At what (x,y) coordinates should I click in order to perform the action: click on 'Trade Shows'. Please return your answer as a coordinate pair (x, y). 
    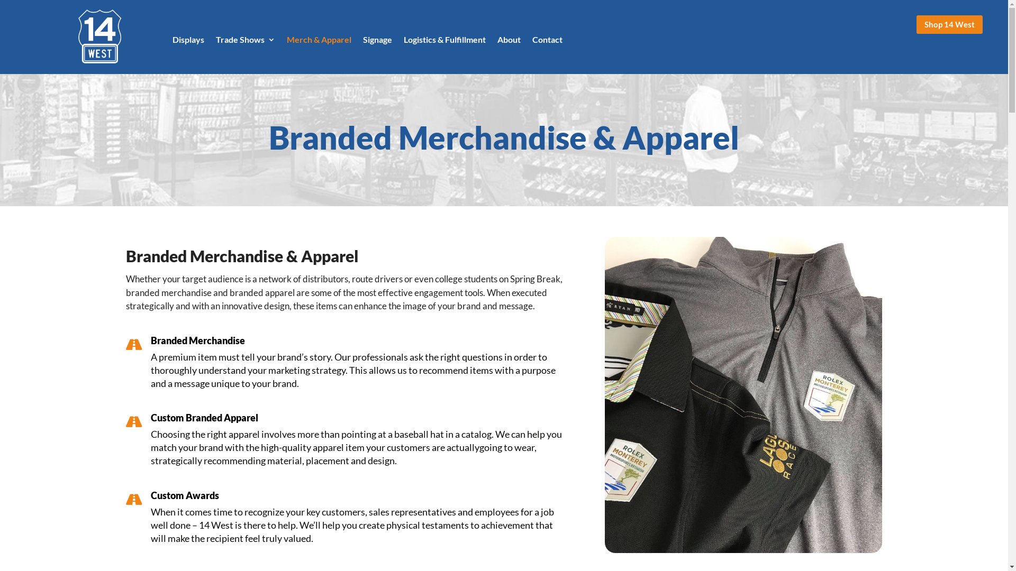
    Looking at the image, I should click on (215, 41).